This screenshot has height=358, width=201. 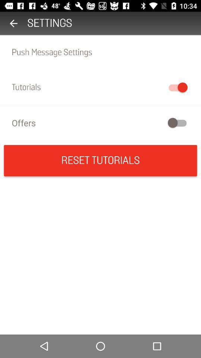 What do you see at coordinates (100, 123) in the screenshot?
I see `offers` at bounding box center [100, 123].